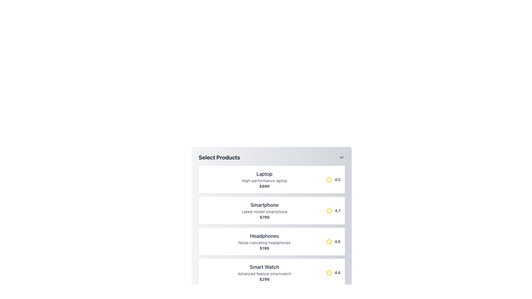  Describe the element at coordinates (264, 241) in the screenshot. I see `the text content group that provides product details including the title 'Headphones,' description 'Noise-canceling headphones,' and price '$199,' located in the third card from the top in a vertically stacked list` at that location.